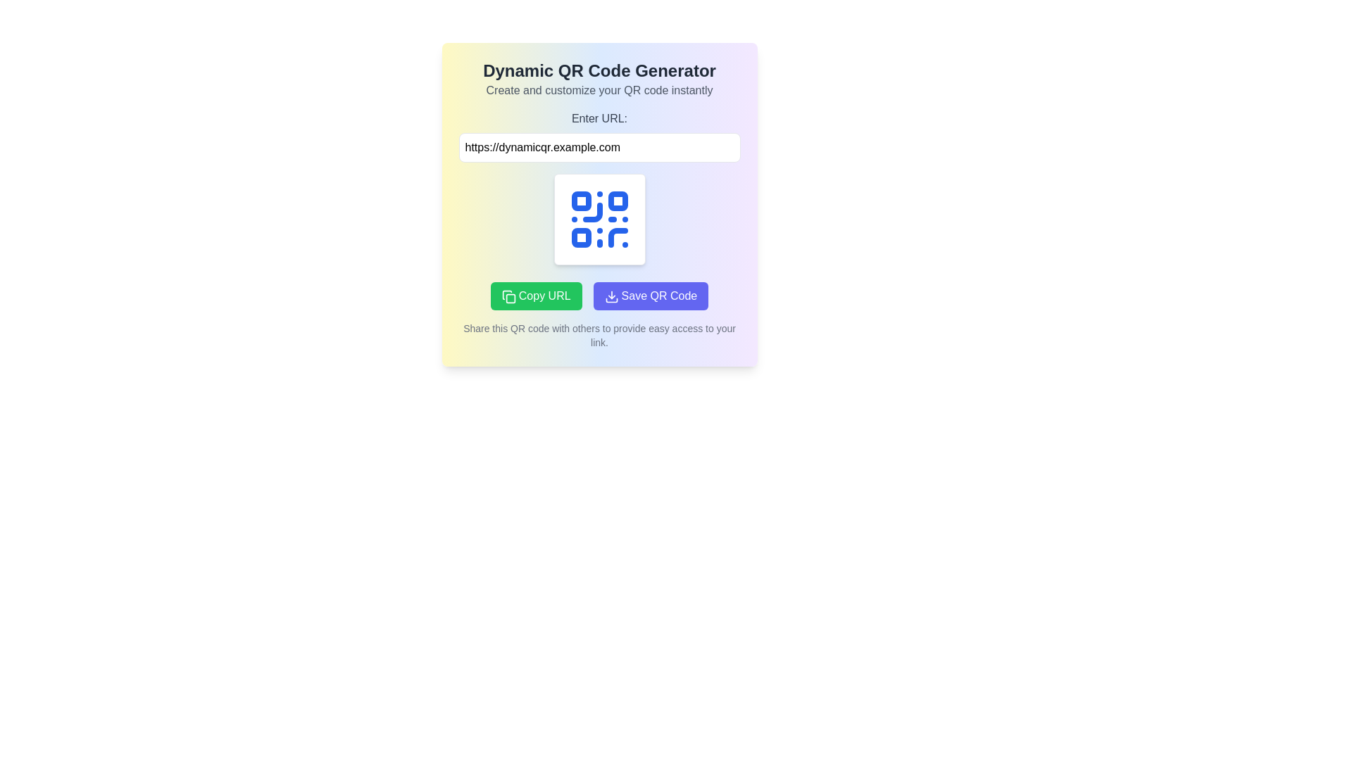 The image size is (1352, 760). What do you see at coordinates (581, 201) in the screenshot?
I see `the top-left graphical element within the QR code design, which contributes to the QR code's appearance and functionality` at bounding box center [581, 201].